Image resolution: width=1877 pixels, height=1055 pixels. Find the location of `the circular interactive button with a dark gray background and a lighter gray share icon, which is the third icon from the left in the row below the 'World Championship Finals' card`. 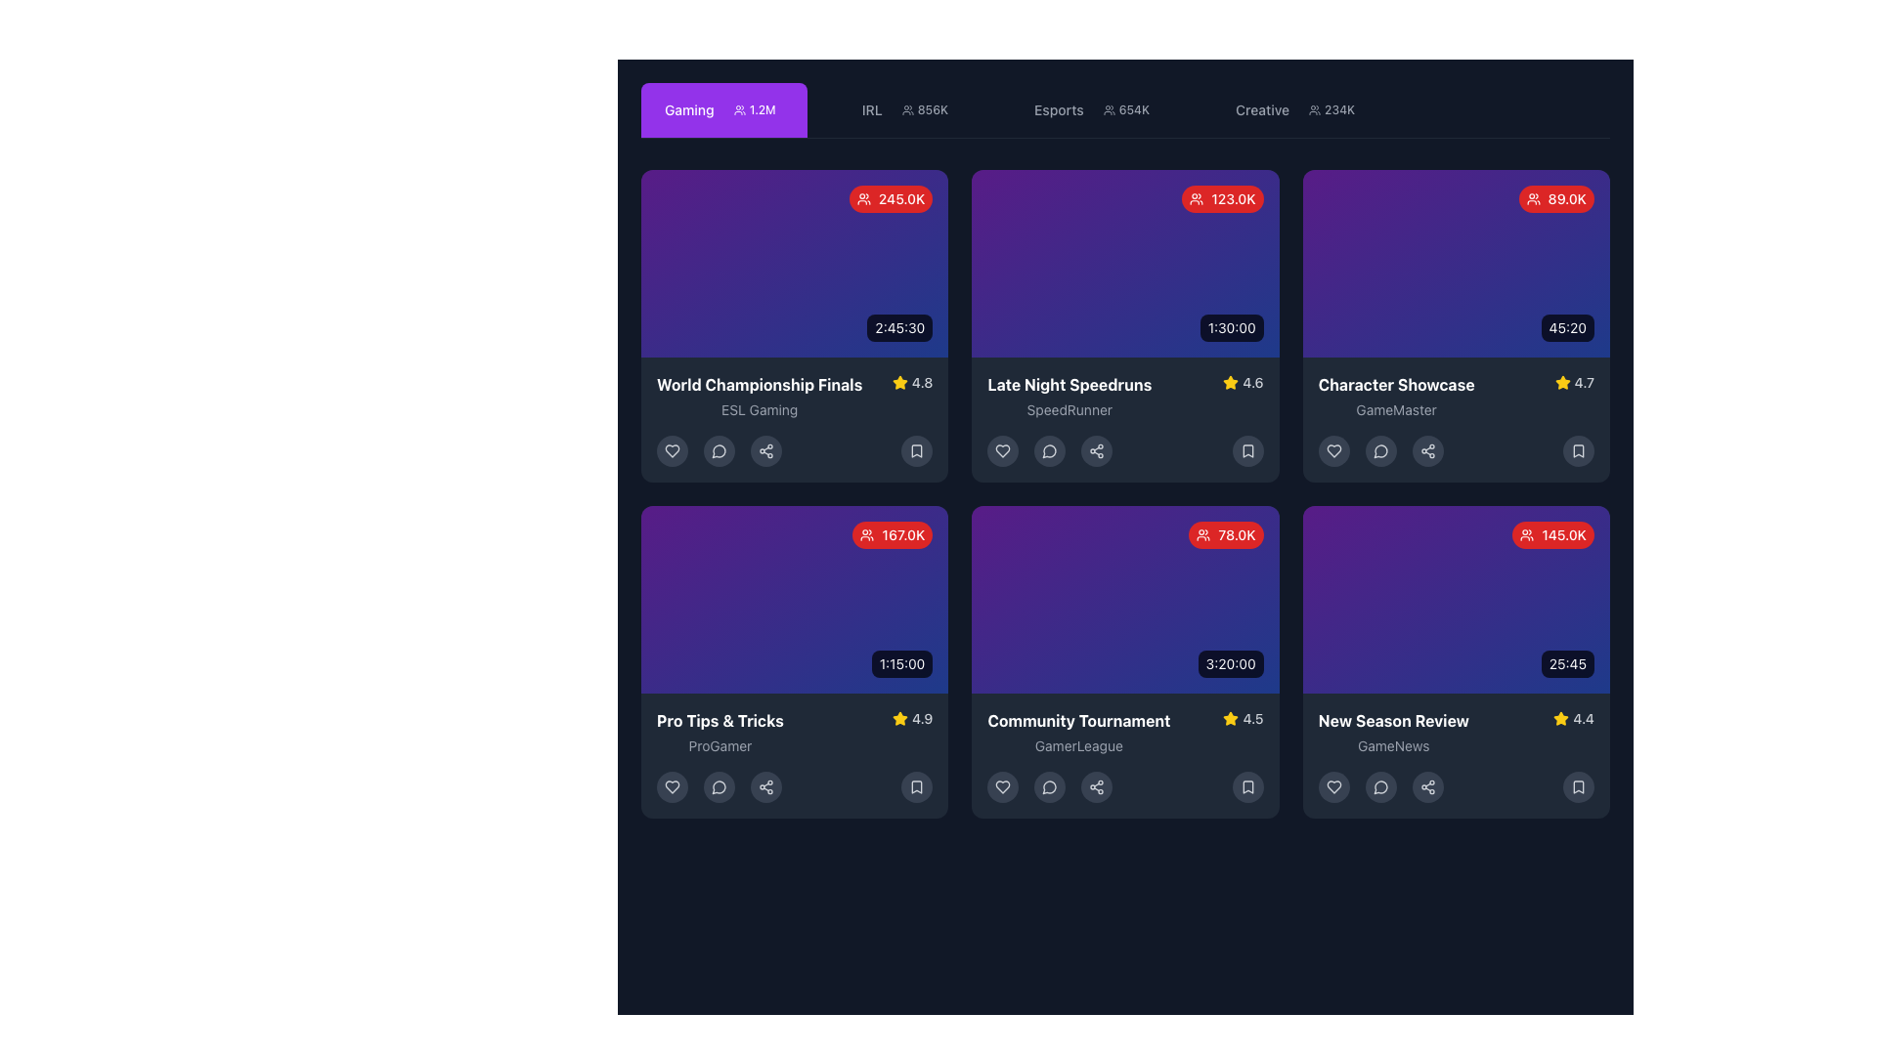

the circular interactive button with a dark gray background and a lighter gray share icon, which is the third icon from the left in the row below the 'World Championship Finals' card is located at coordinates (764, 451).